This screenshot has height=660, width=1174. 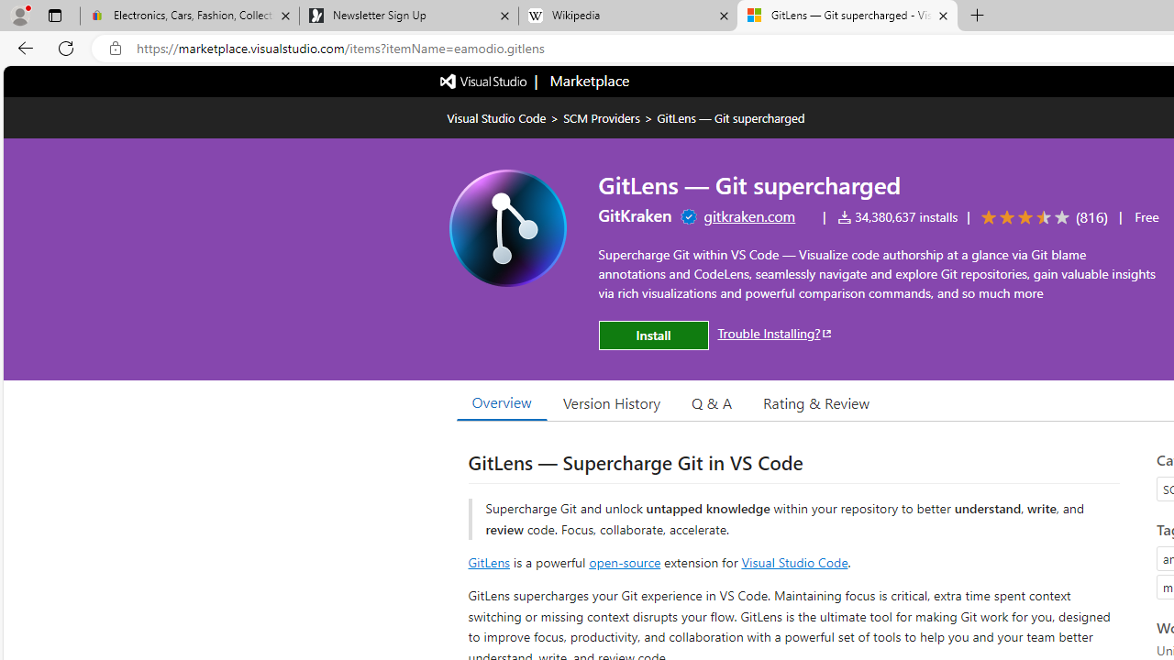 I want to click on 'Visual Studio Code', so click(x=794, y=561).